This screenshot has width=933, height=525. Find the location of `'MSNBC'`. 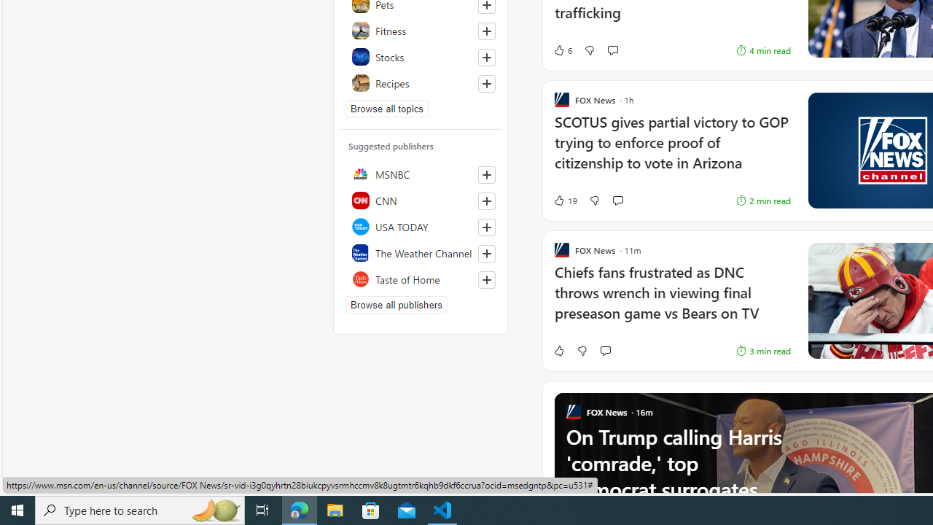

'MSNBC' is located at coordinates (420, 174).